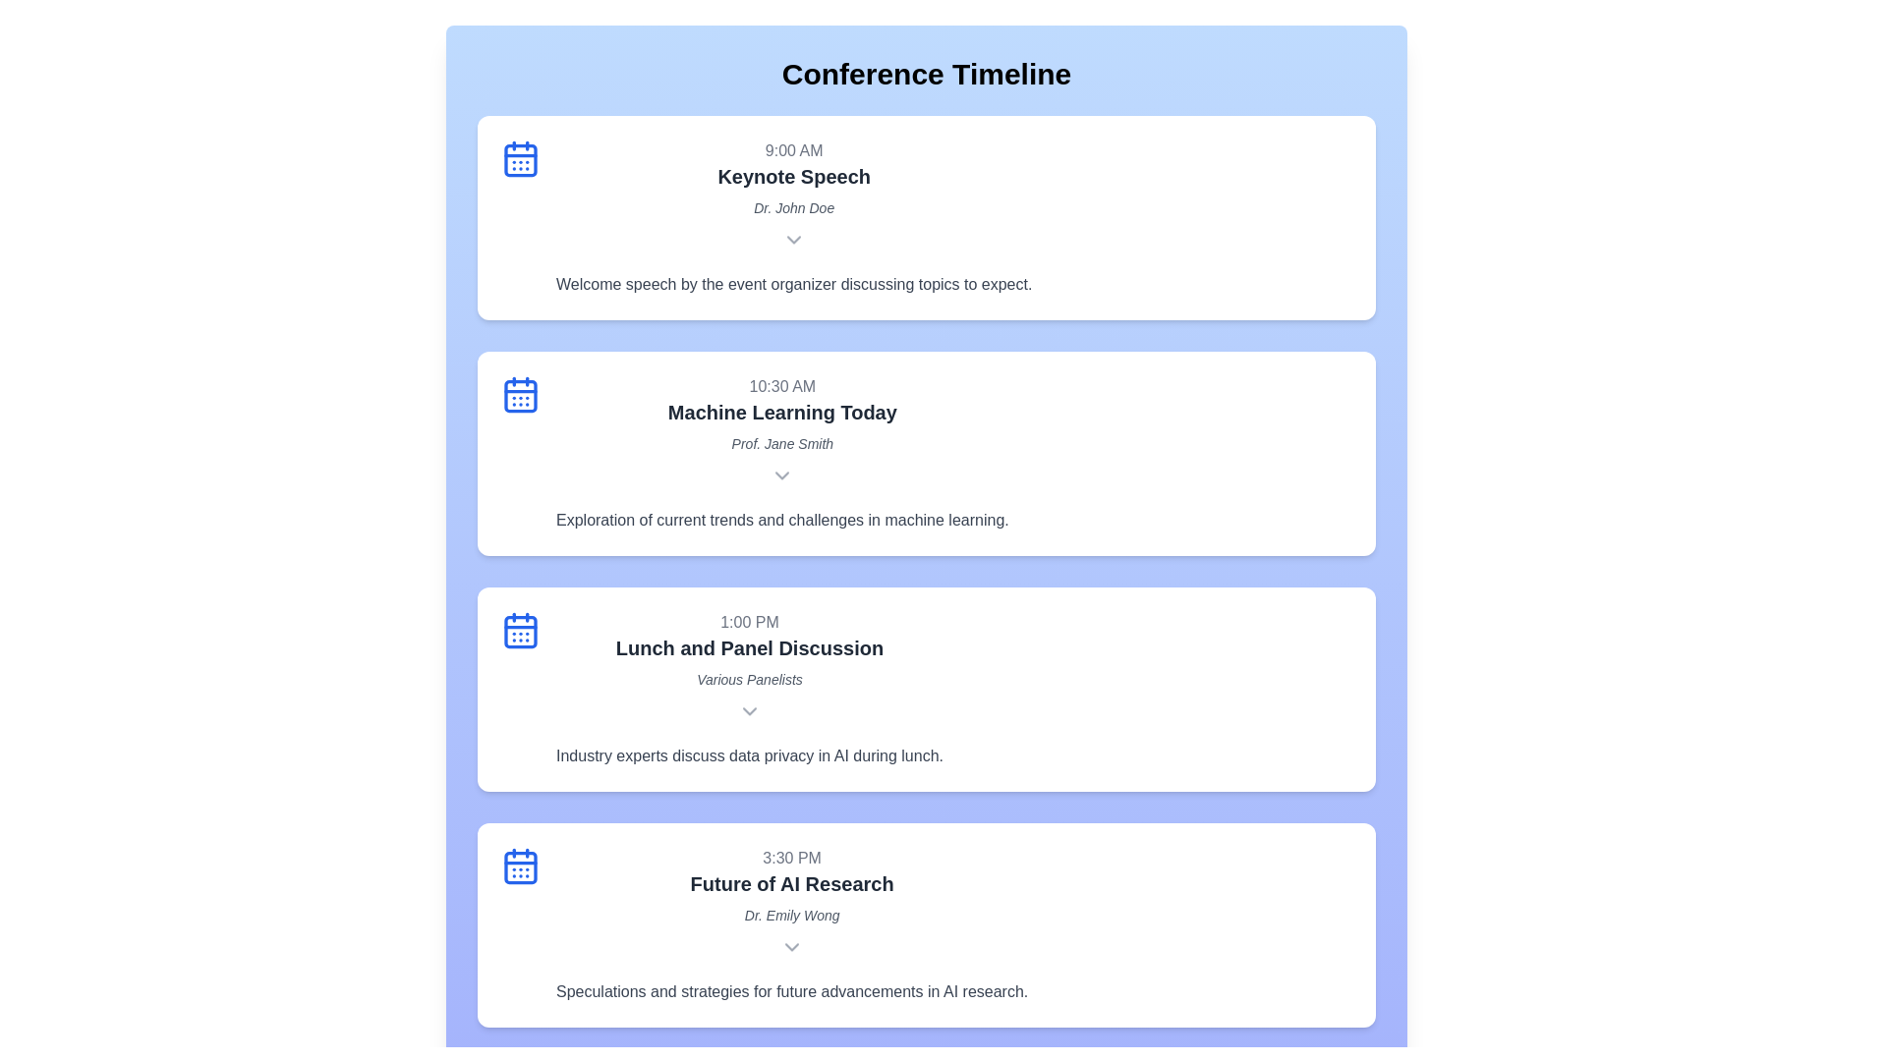 This screenshot has width=1887, height=1061. What do you see at coordinates (520, 395) in the screenshot?
I see `the graphical icon component of the calendar located to the left of the '10:30 AM Machine Learning Today' session card, which serves as a decorative marker within the calendar icon` at bounding box center [520, 395].